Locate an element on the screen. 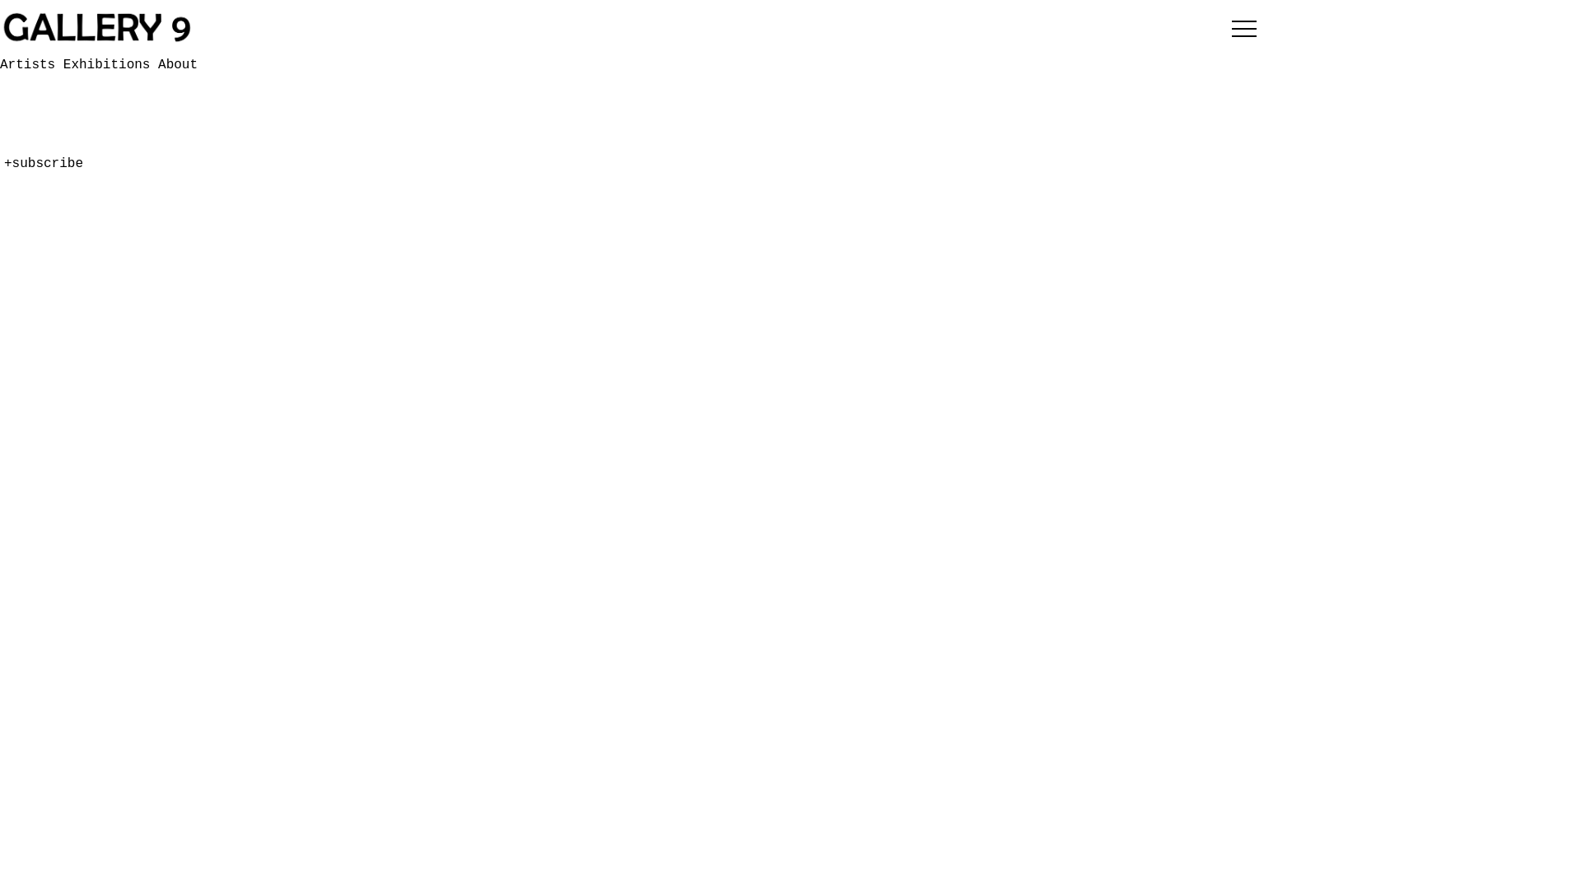 The width and height of the screenshot is (1581, 889). 'About' is located at coordinates (20, 190).